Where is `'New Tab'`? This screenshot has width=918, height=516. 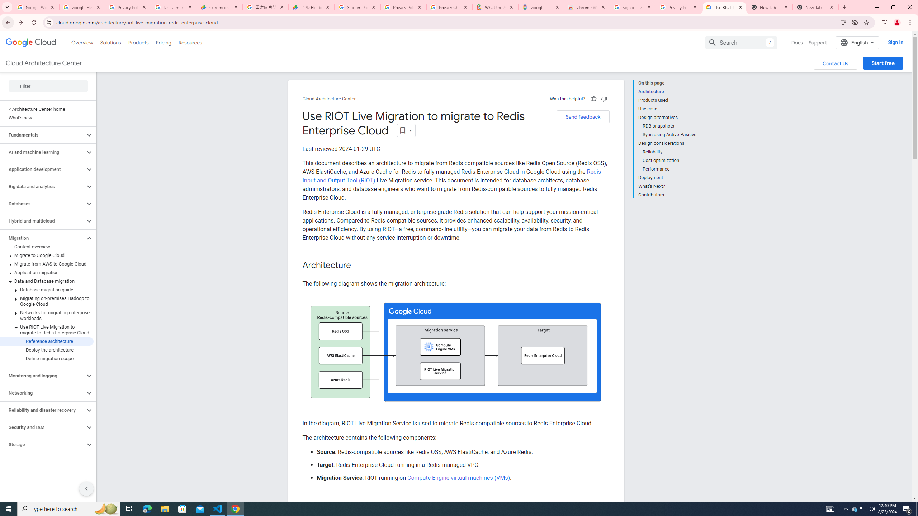
'New Tab' is located at coordinates (815, 7).